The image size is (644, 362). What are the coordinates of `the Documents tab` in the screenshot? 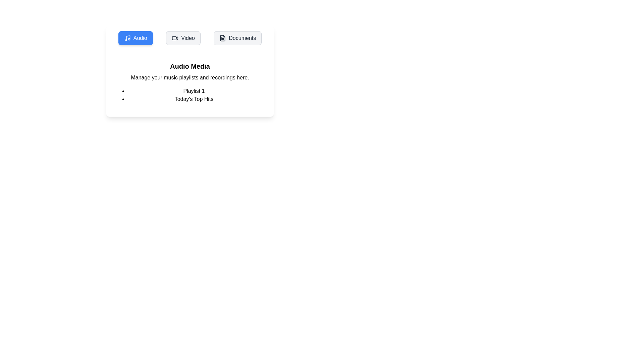 It's located at (238, 38).